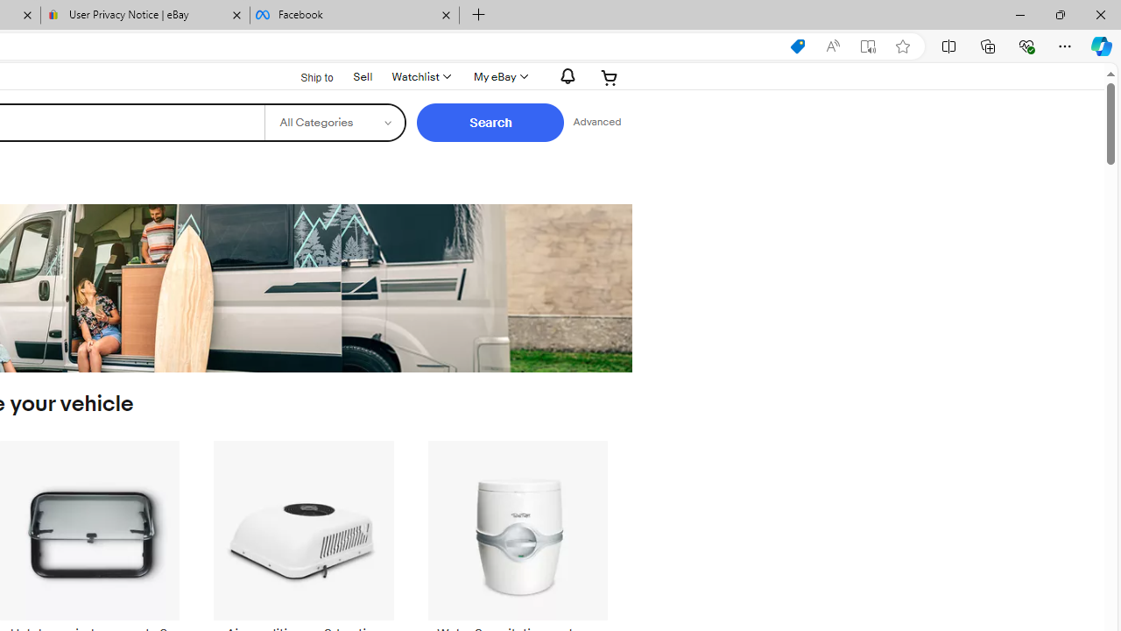  I want to click on 'New Tab', so click(478, 15).